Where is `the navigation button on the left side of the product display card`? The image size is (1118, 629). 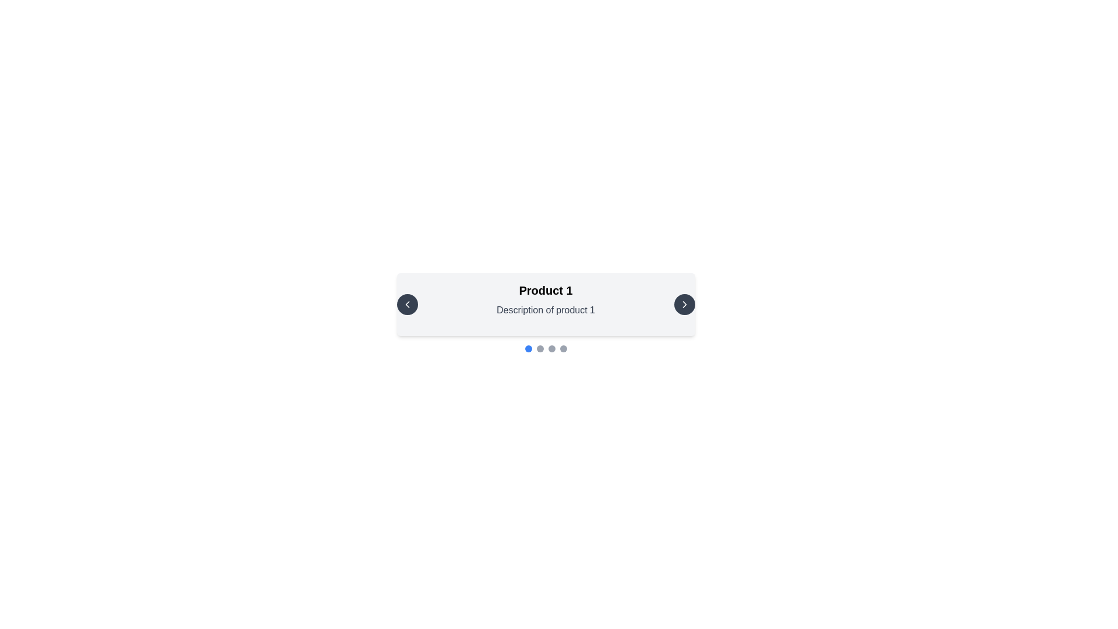
the navigation button on the left side of the product display card is located at coordinates (407, 304).